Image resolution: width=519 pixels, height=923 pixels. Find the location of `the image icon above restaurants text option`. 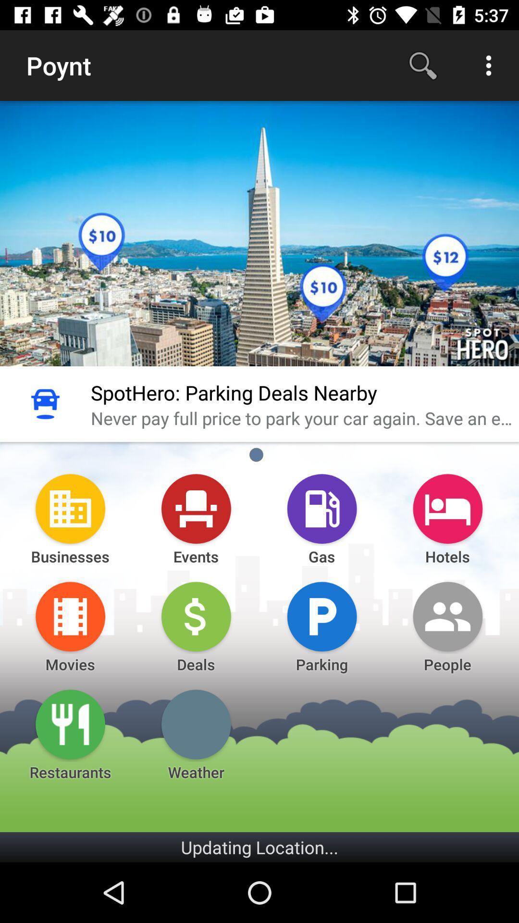

the image icon above restaurants text option is located at coordinates (70, 724).